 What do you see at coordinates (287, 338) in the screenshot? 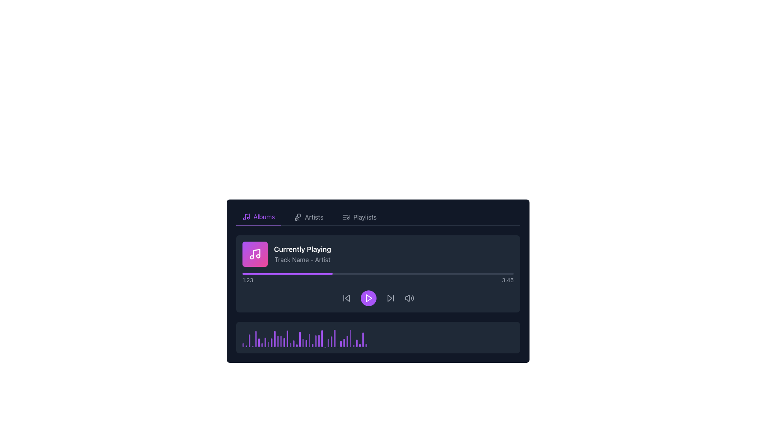
I see `the 15th vertical purple ProgressBar in the audio waveform representation of the music player interface` at bounding box center [287, 338].